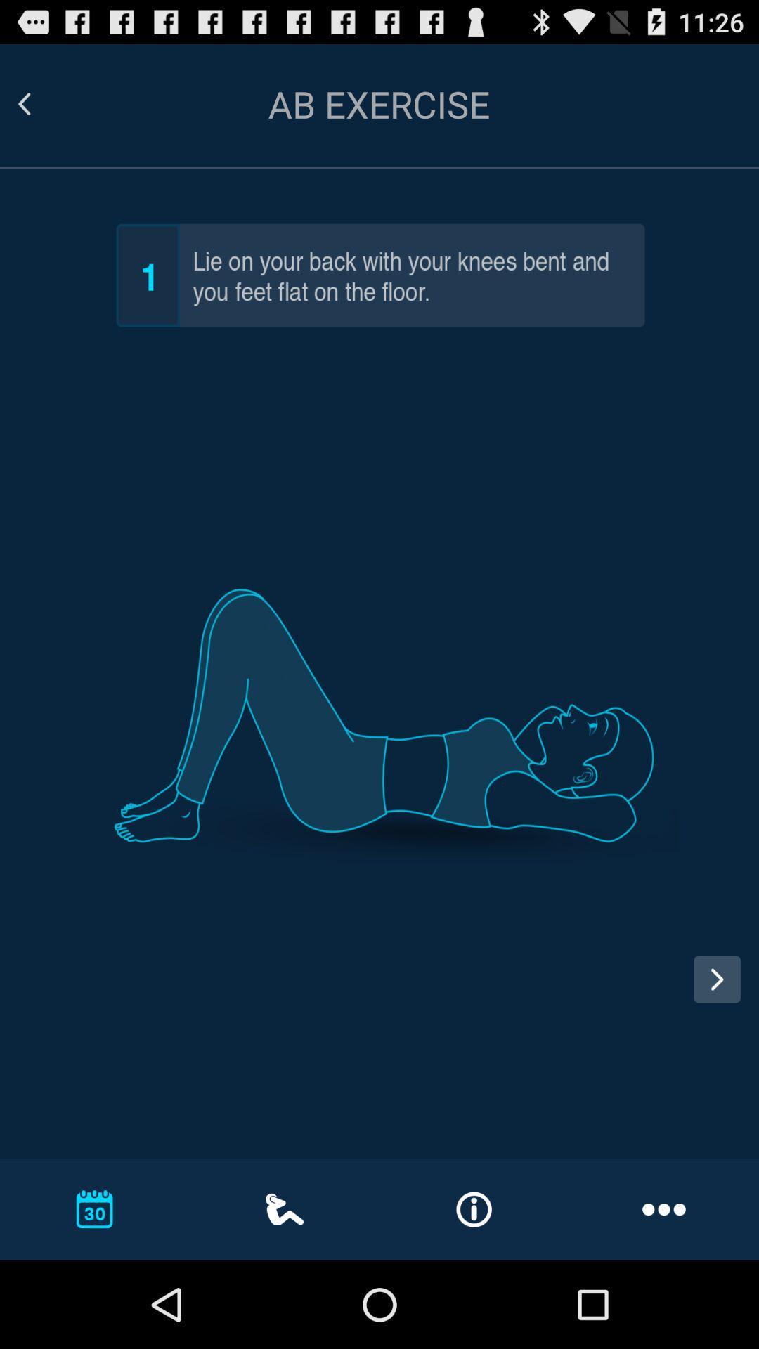  I want to click on the arrow_forward icon, so click(717, 1048).